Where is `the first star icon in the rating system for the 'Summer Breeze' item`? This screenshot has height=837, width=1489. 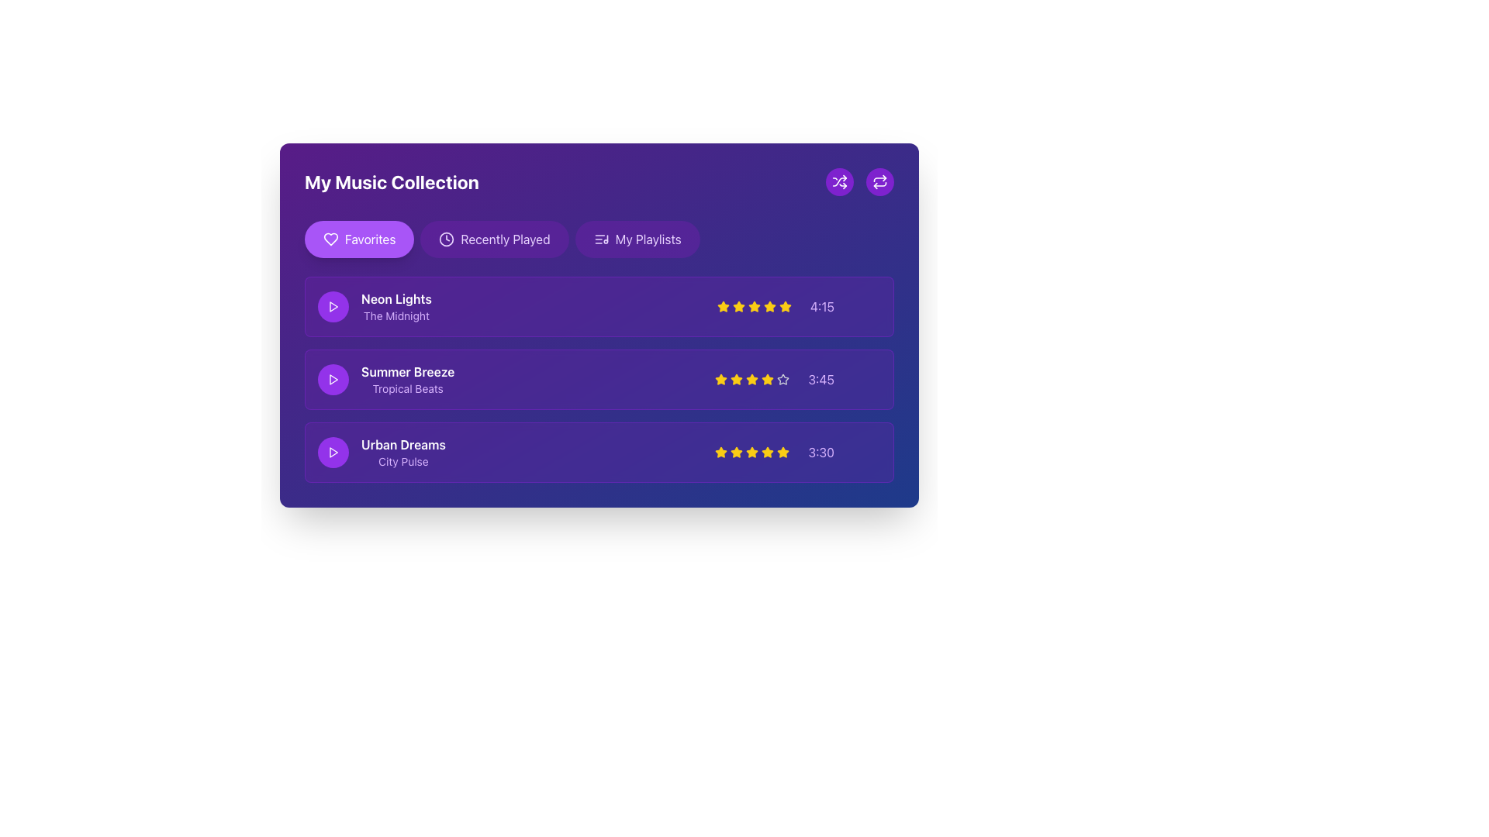 the first star icon in the rating system for the 'Summer Breeze' item is located at coordinates (720, 379).